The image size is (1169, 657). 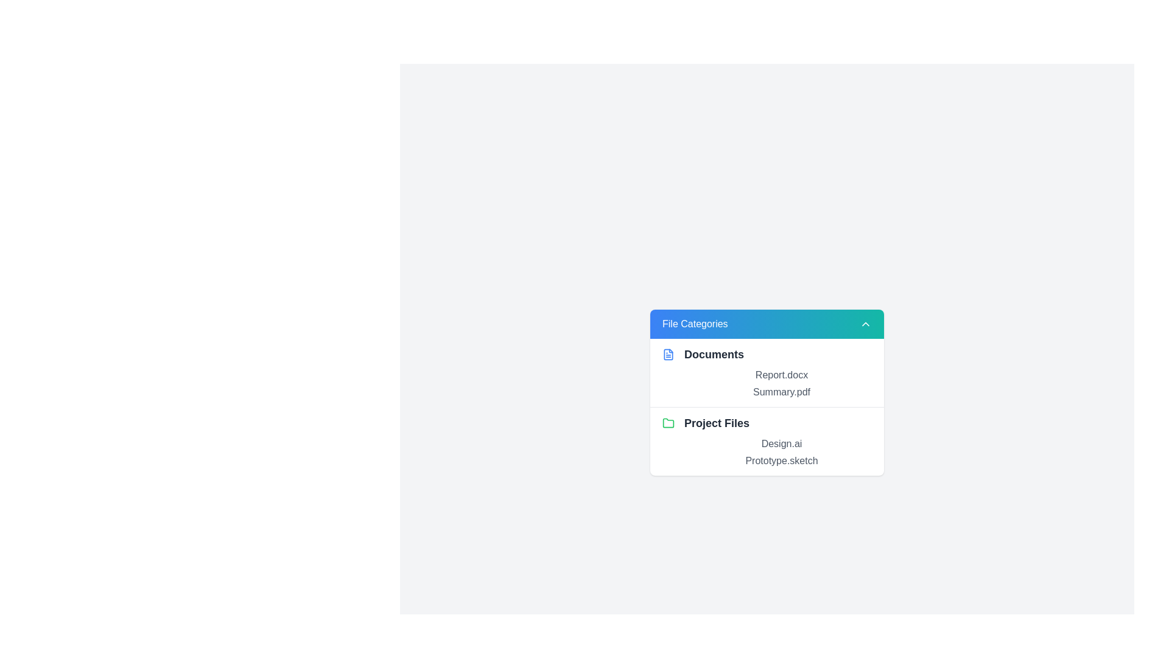 What do you see at coordinates (668, 422) in the screenshot?
I see `folder icon representing project-related files located within the 'Project Files' section of the card interface by opening developer tools` at bounding box center [668, 422].